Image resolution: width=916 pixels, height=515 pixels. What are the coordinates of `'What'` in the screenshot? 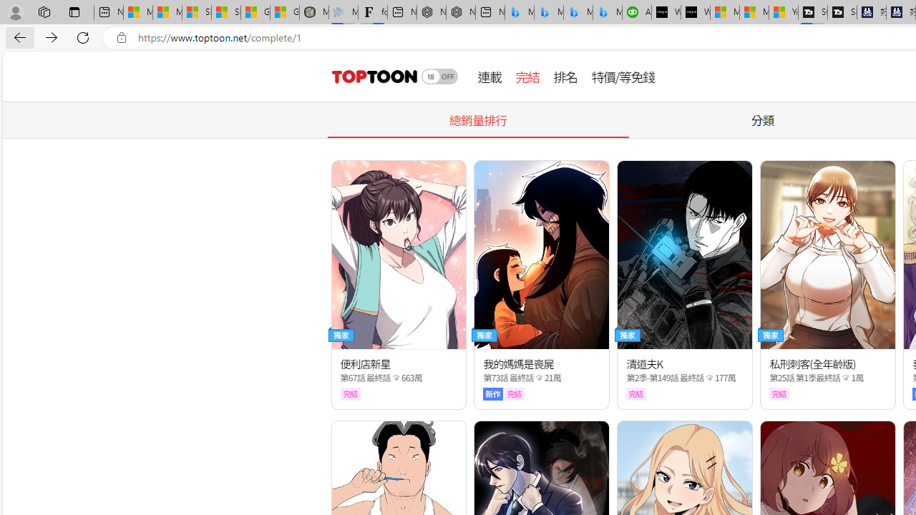 It's located at (696, 12).